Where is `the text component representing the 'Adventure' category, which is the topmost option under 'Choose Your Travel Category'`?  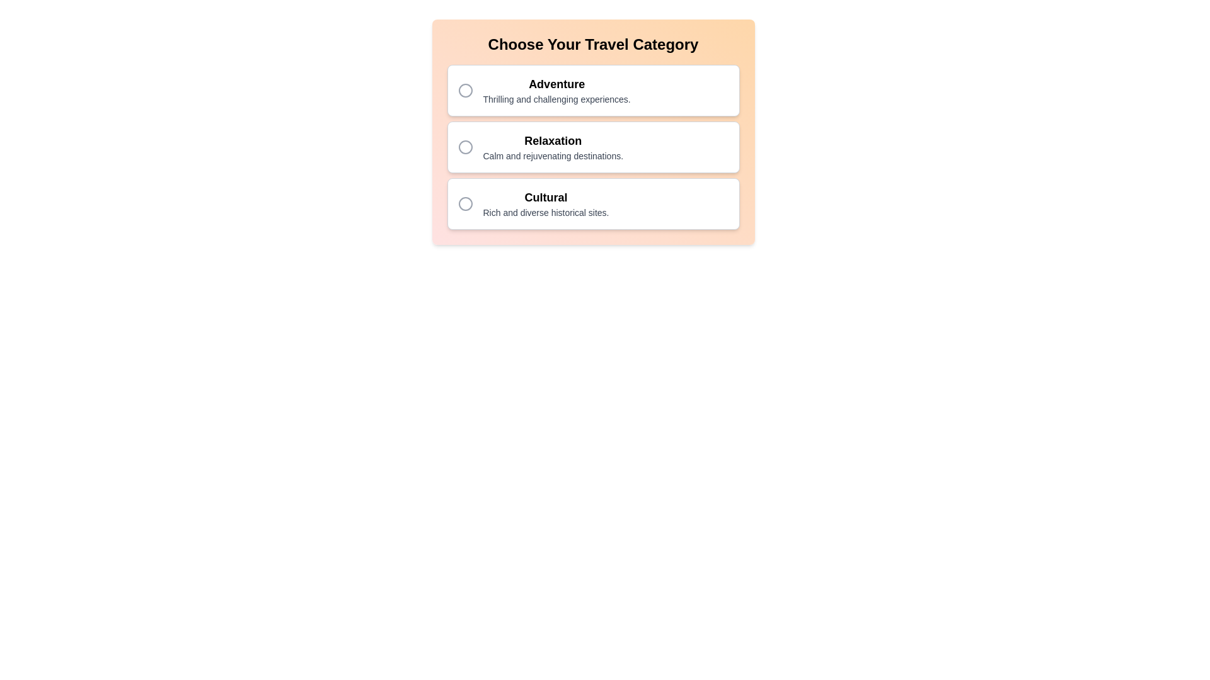
the text component representing the 'Adventure' category, which is the topmost option under 'Choose Your Travel Category' is located at coordinates (556, 89).